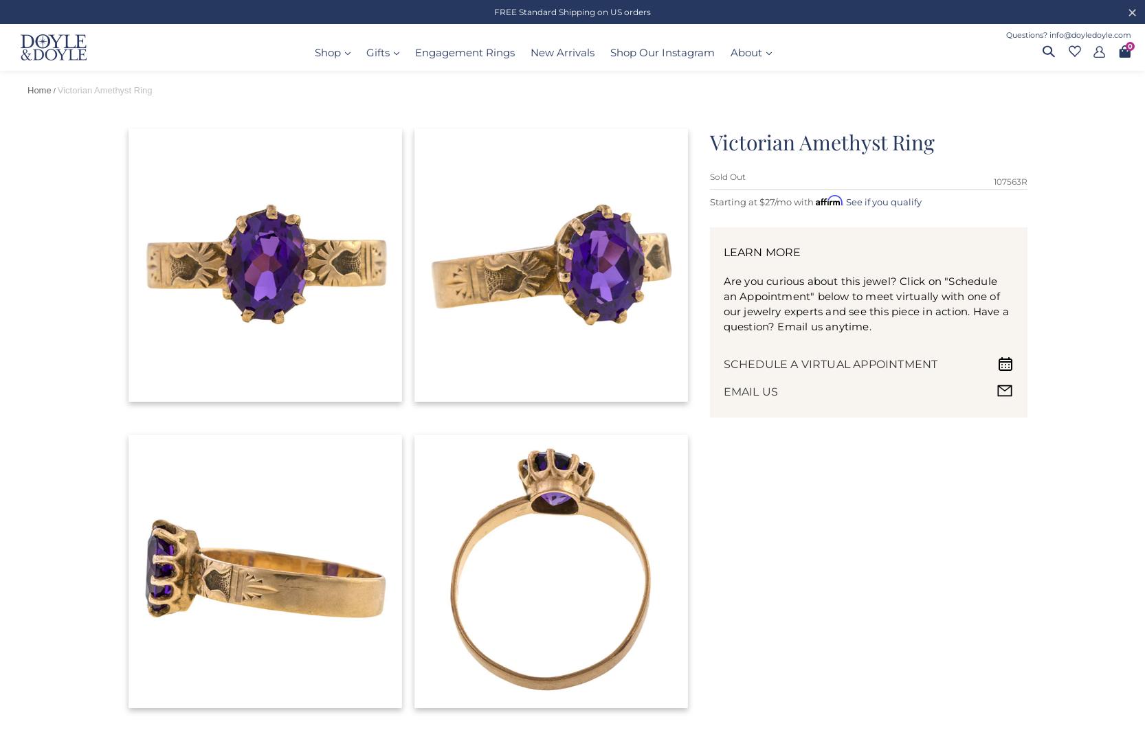 This screenshot has width=1145, height=741. Describe the element at coordinates (762, 251) in the screenshot. I see `'LEARN MORE'` at that location.